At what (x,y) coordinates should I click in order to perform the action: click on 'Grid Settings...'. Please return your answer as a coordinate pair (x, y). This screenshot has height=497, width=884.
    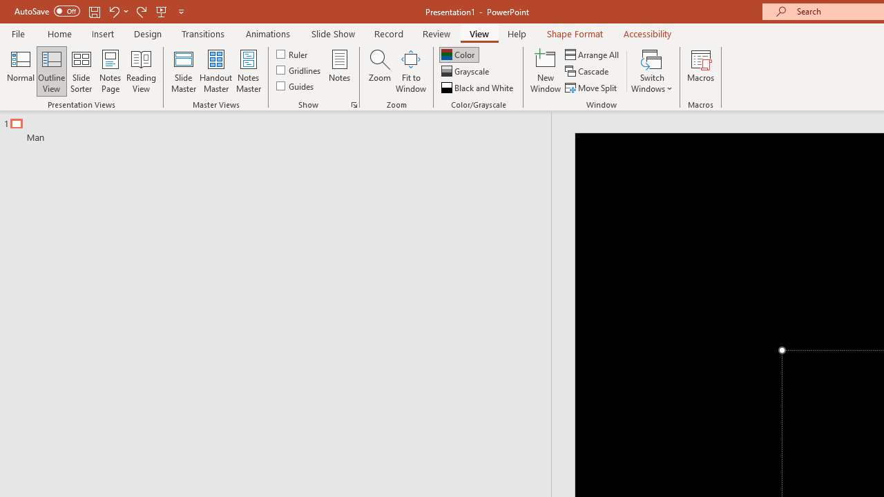
    Looking at the image, I should click on (354, 104).